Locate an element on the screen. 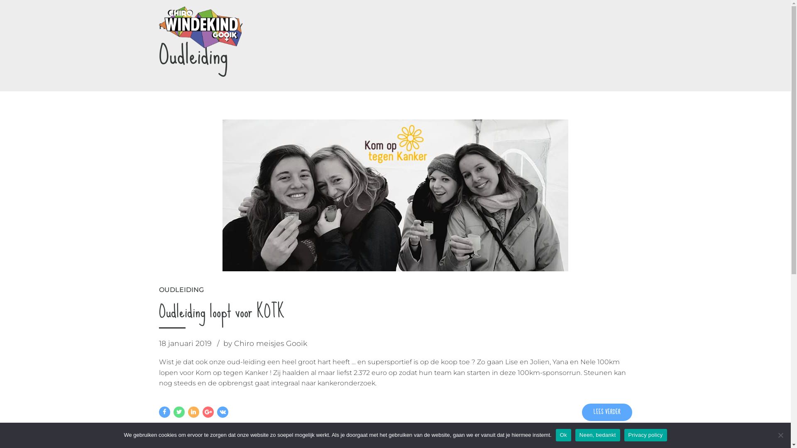 The height and width of the screenshot is (448, 797). 'Privacy policy' is located at coordinates (645, 435).